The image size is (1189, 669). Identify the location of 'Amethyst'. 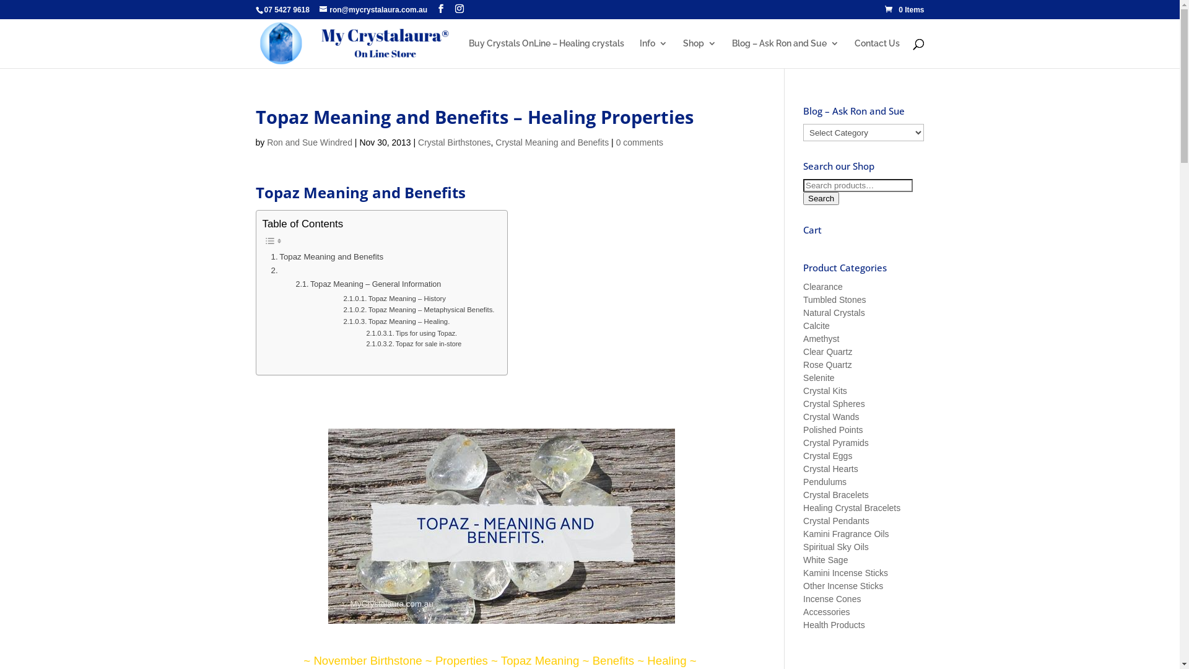
(803, 339).